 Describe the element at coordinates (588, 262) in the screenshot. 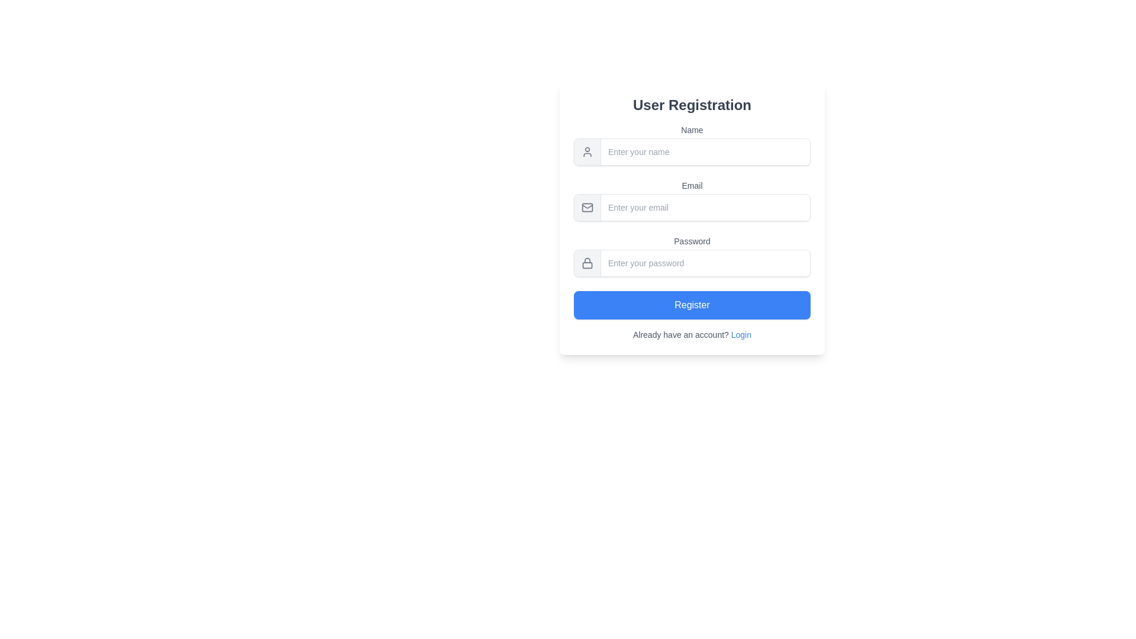

I see `the security icon located to the left of the password input field in the 'User Registration' form, which visually indicates the purpose of the password input` at that location.